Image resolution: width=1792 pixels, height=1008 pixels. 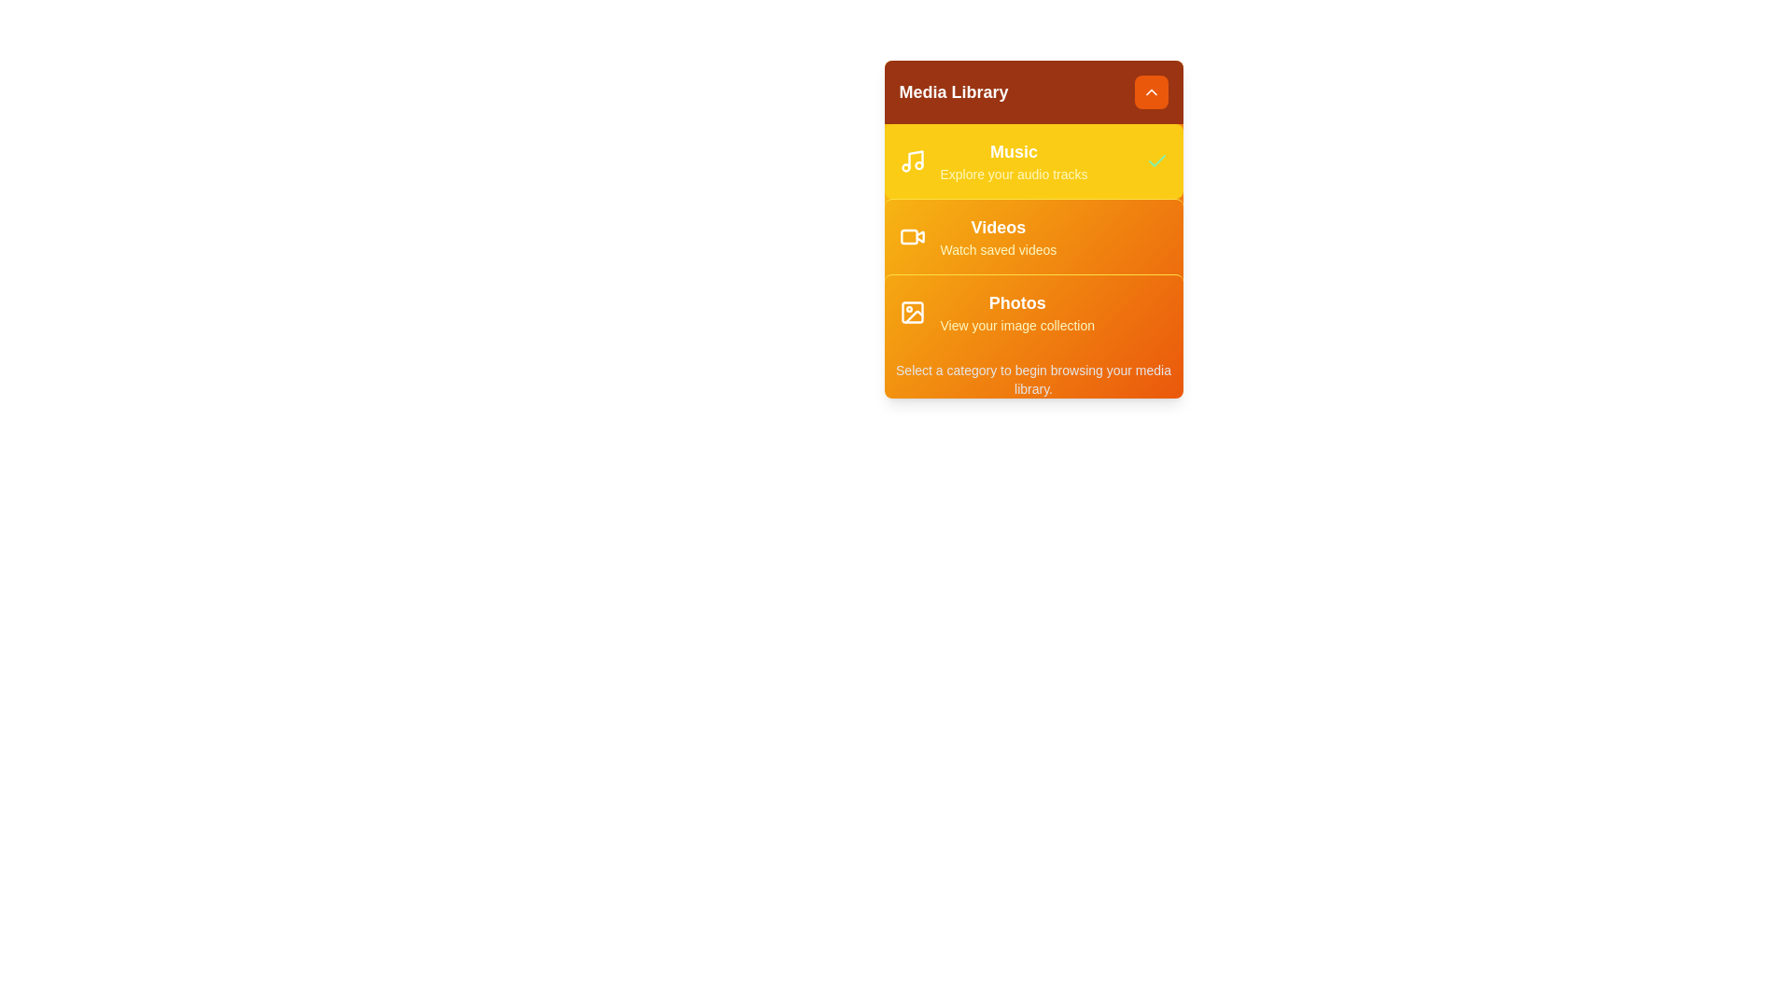 What do you see at coordinates (1032, 235) in the screenshot?
I see `the Videos category to see the hover effect` at bounding box center [1032, 235].